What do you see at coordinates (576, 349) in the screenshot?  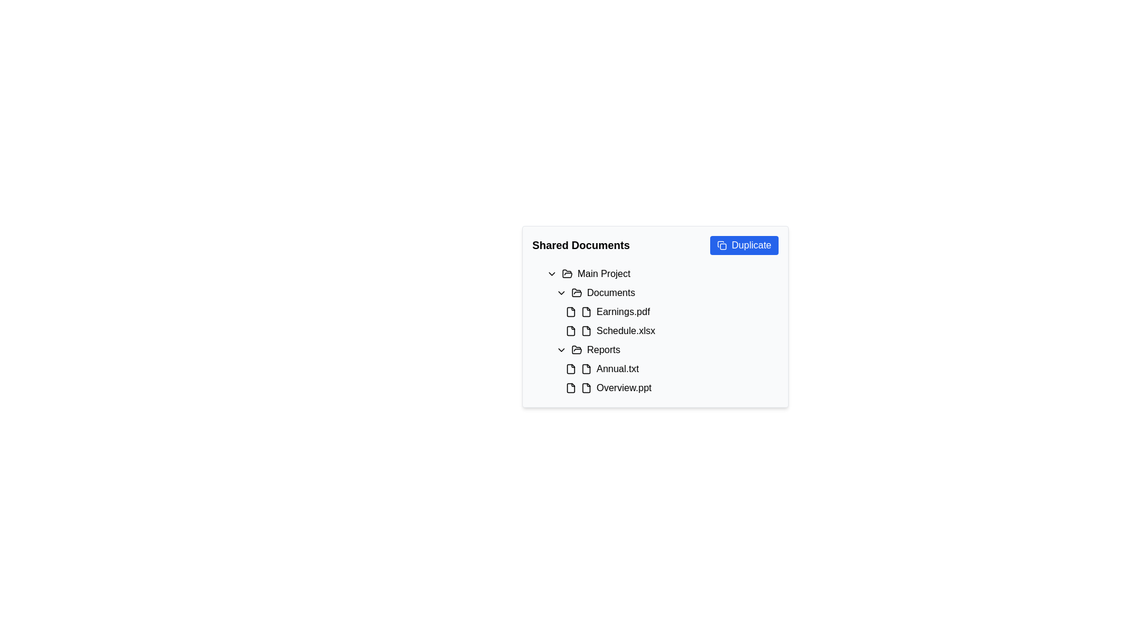 I see `the open folder icon located to the left of the 'Reports' text label in the 'Shared Documents' interface` at bounding box center [576, 349].